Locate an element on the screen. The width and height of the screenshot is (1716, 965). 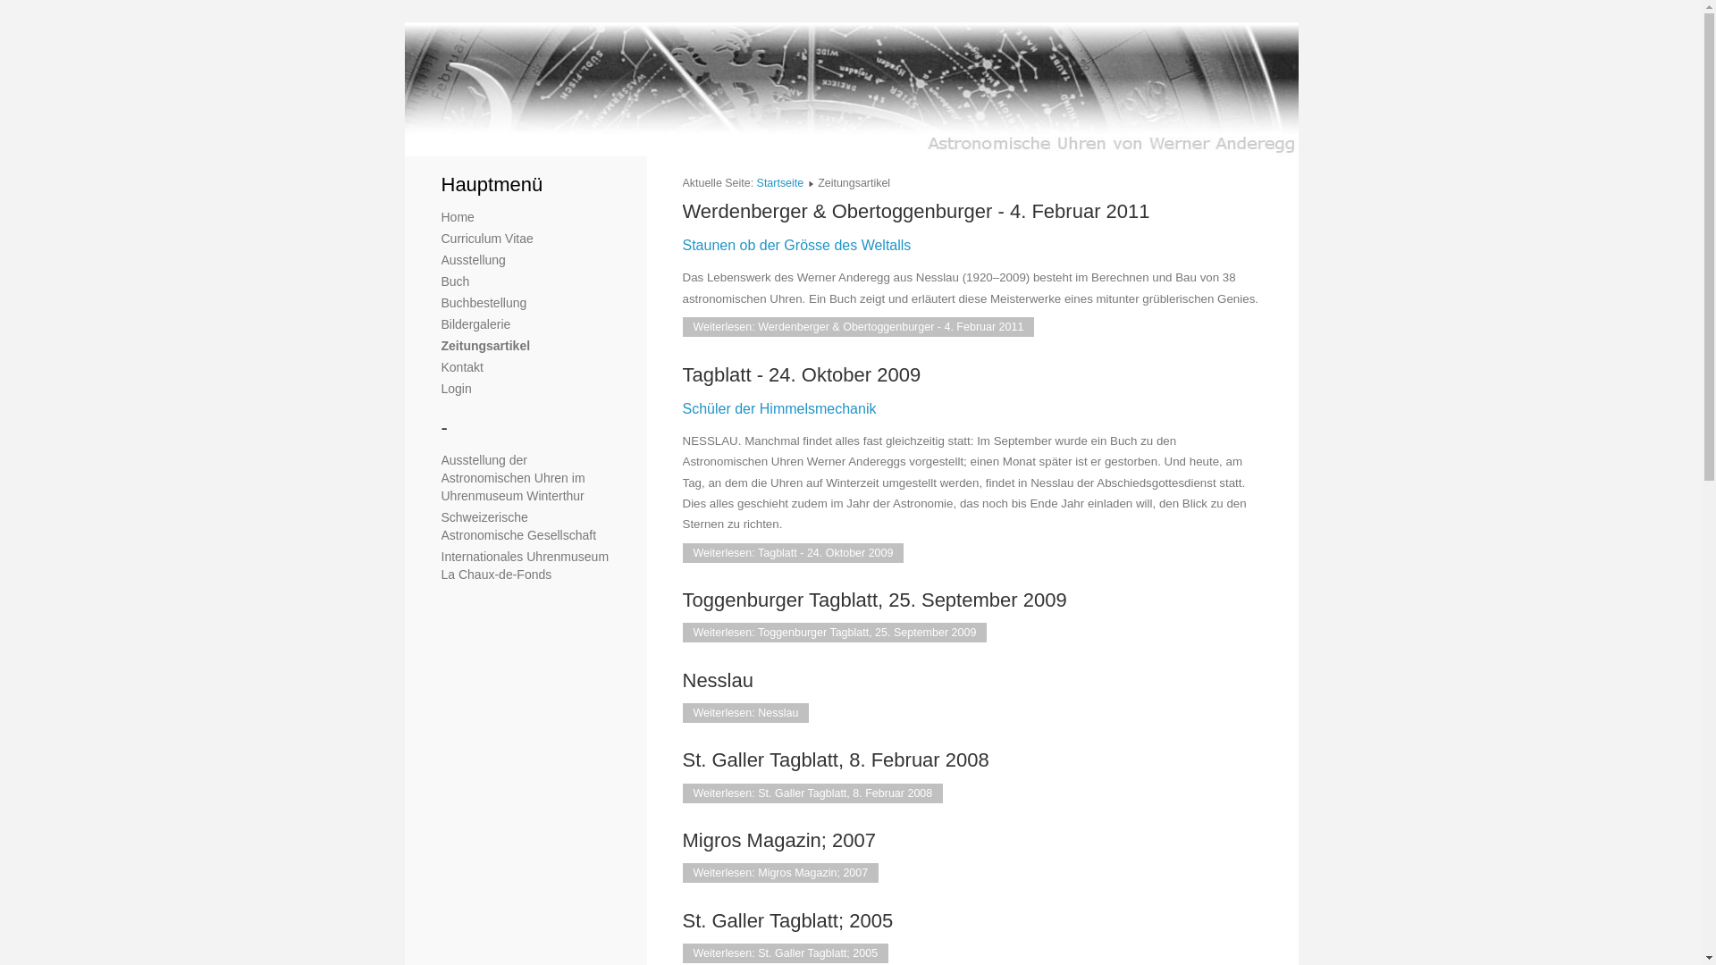
'Kontakt' is located at coordinates (462, 366).